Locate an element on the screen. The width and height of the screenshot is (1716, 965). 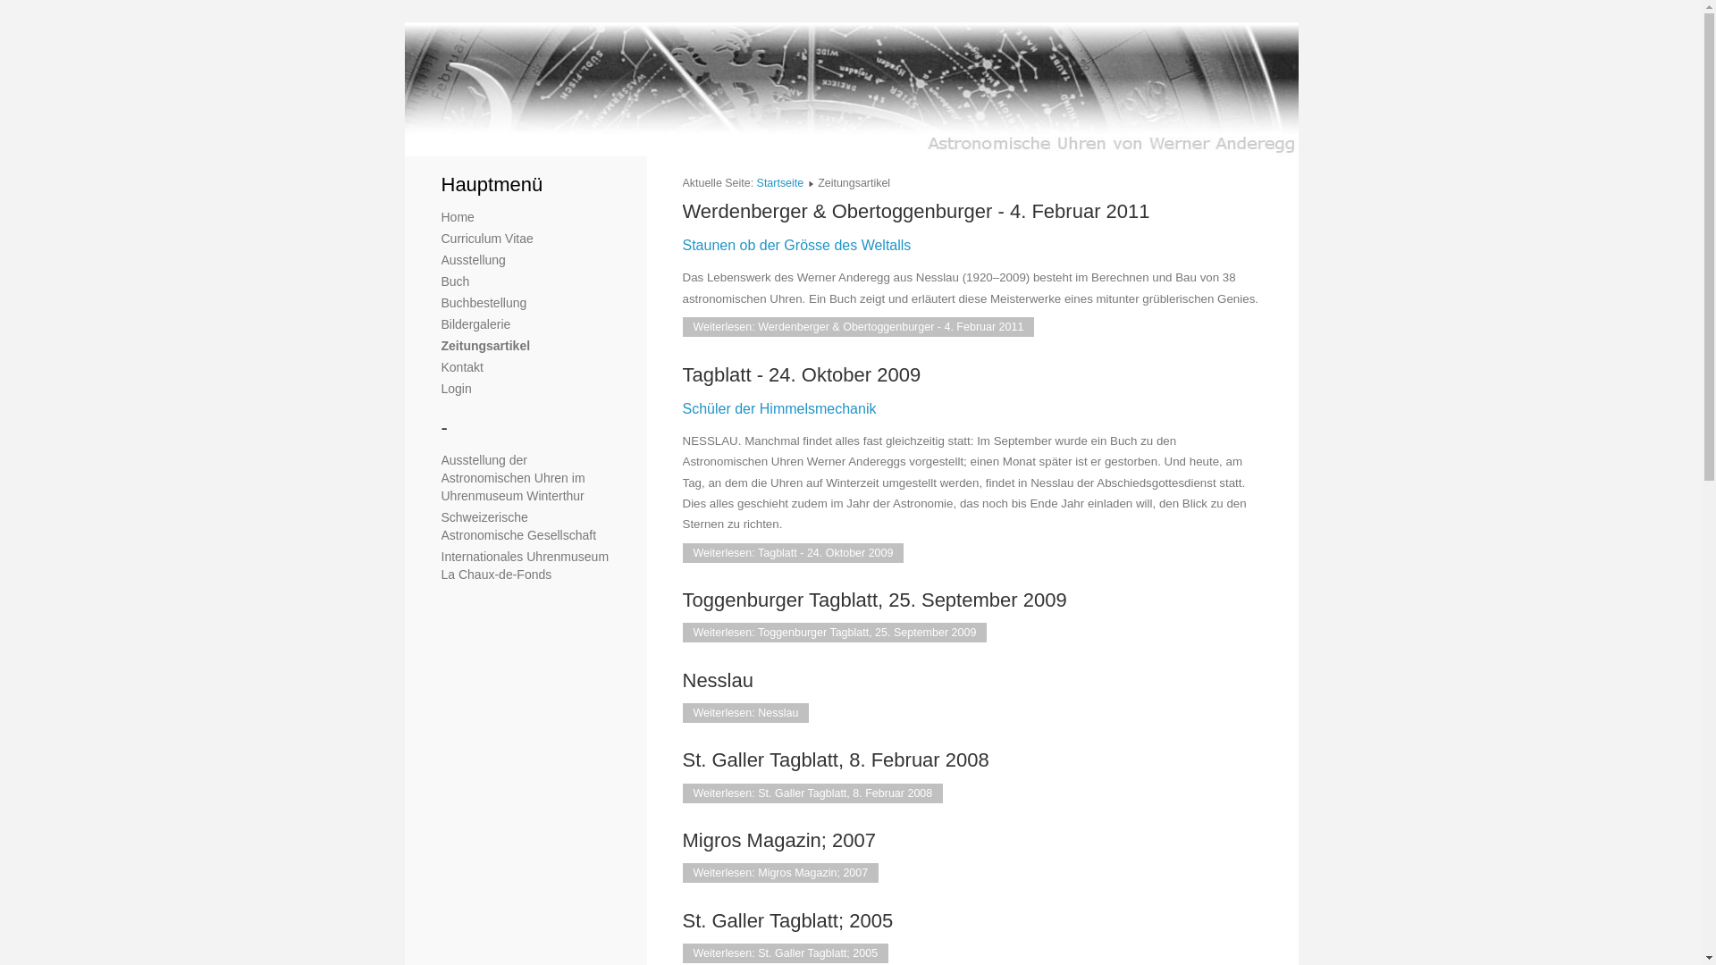
'Kontakt' is located at coordinates (462, 366).